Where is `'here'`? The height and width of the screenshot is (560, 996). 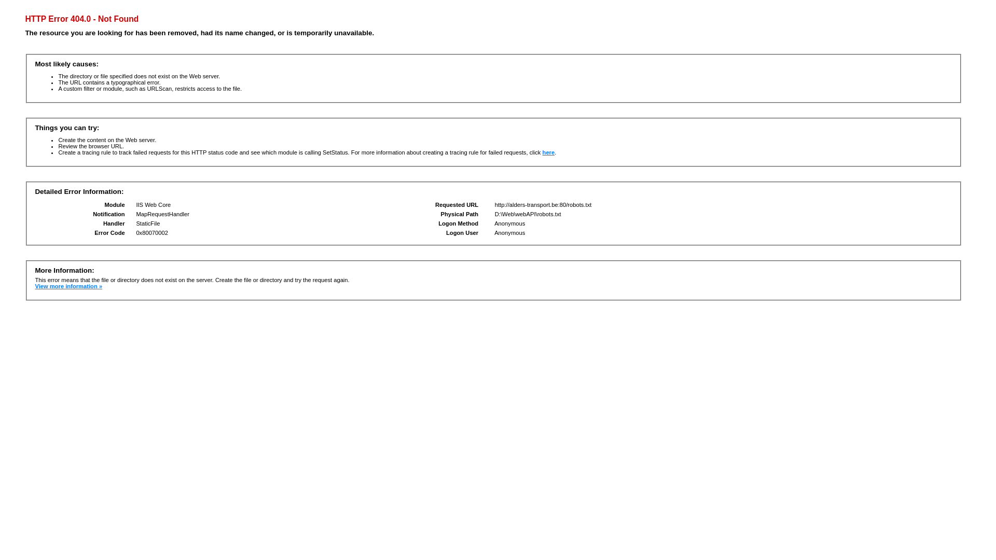 'here' is located at coordinates (548, 152).